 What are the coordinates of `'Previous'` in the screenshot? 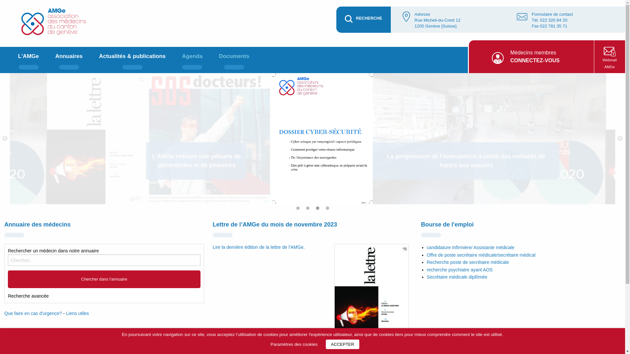 It's located at (1, 138).